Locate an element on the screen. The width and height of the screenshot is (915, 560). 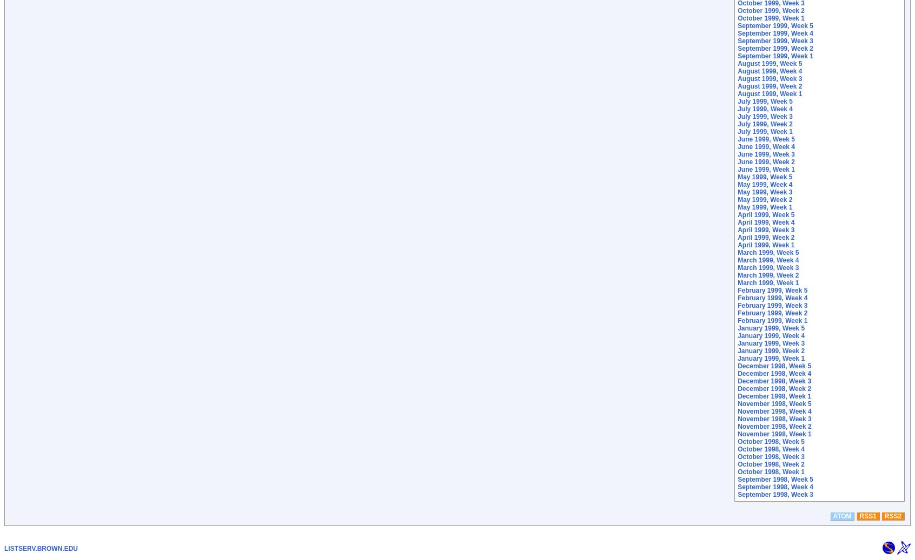
'March 1999, Week 2' is located at coordinates (767, 274).